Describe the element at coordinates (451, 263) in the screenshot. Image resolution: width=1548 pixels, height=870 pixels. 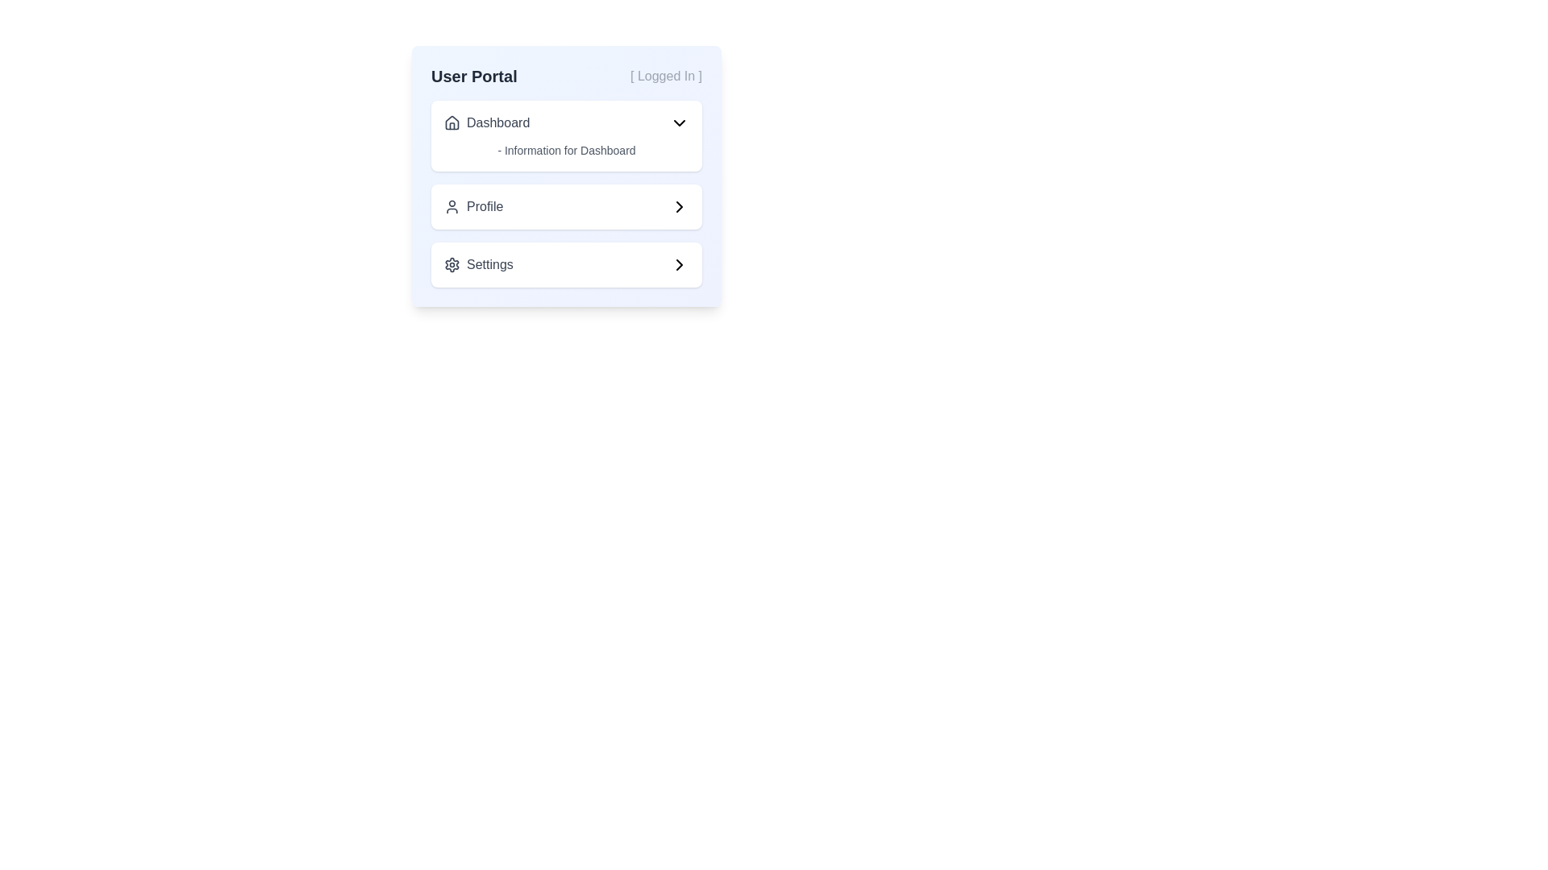
I see `the gear icon located in the settings section of the user interface, which features a circular design and intricate geometric shapes resembling a toothed wheel` at that location.